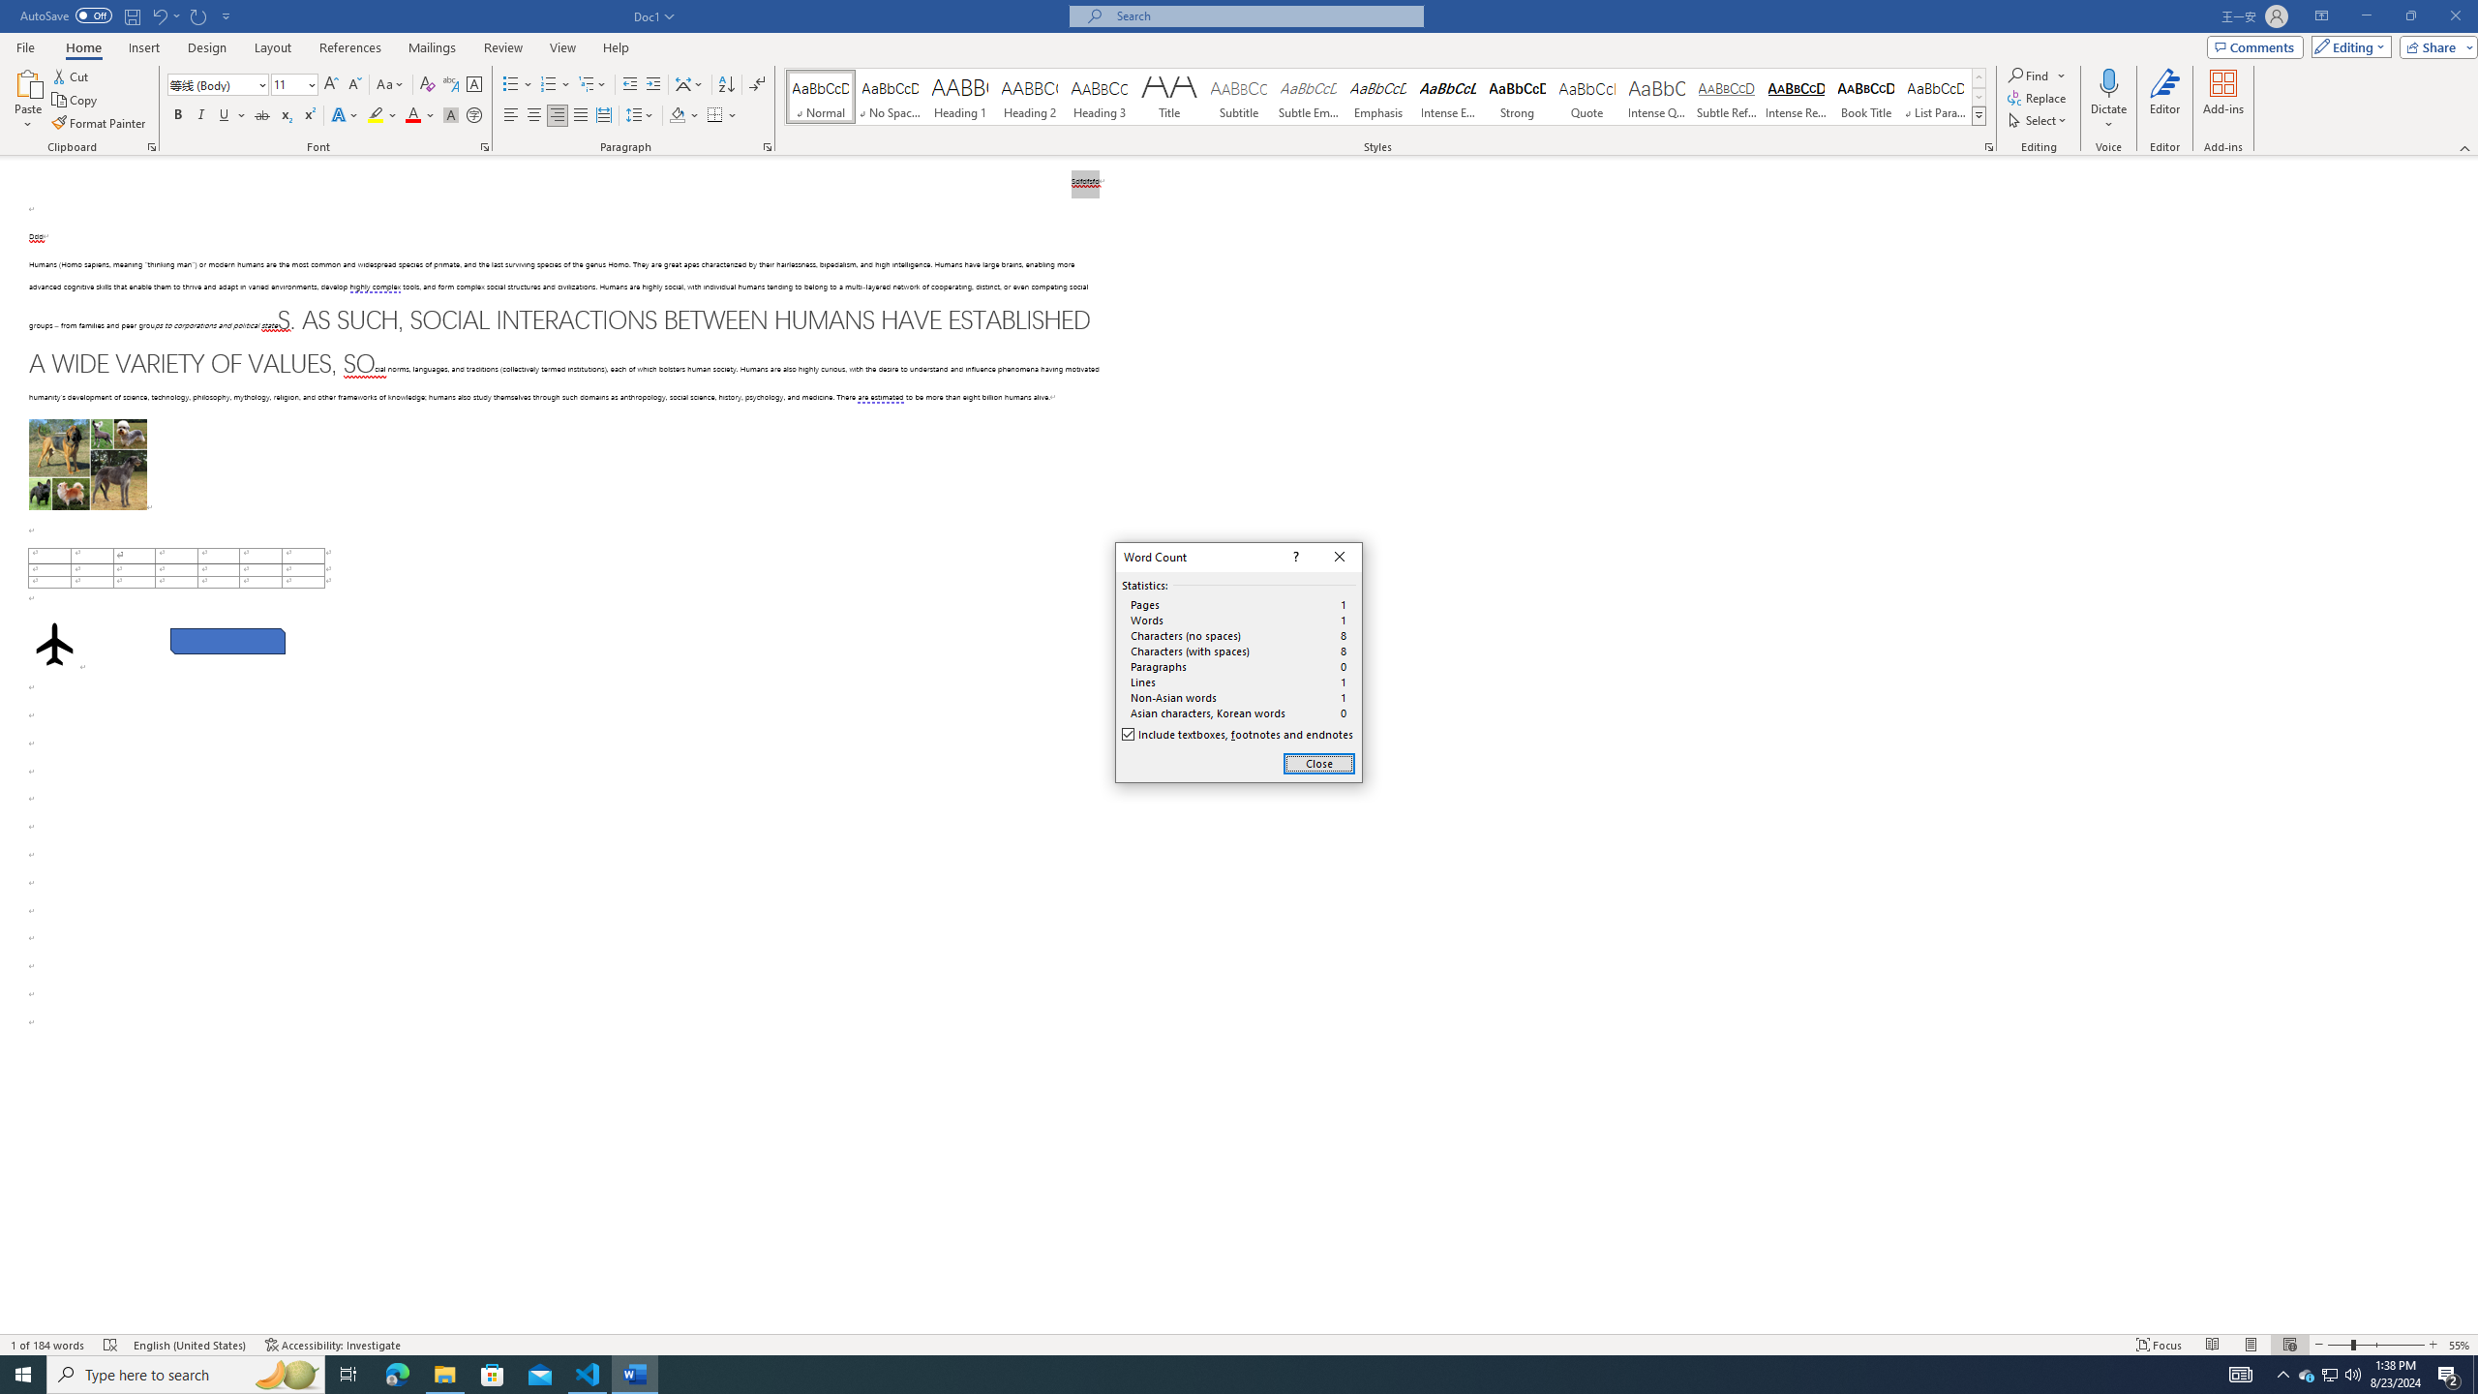 This screenshot has height=1394, width=2478. Describe the element at coordinates (1294, 557) in the screenshot. I see `'Context help'` at that location.